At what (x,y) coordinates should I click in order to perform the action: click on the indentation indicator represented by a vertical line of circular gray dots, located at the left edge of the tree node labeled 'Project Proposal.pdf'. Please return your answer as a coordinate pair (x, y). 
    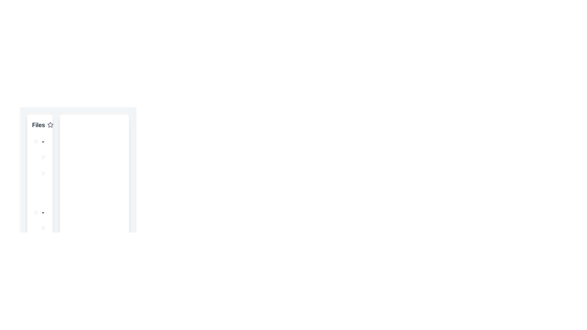
    Looking at the image, I should click on (35, 161).